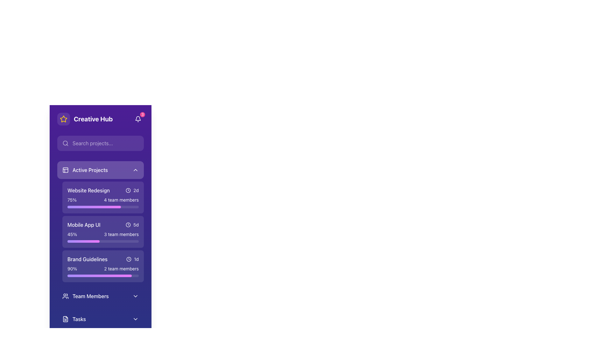  What do you see at coordinates (88, 190) in the screenshot?
I see `the 'Website Redesign' text label in the Active Projects section of the purple sidebar` at bounding box center [88, 190].